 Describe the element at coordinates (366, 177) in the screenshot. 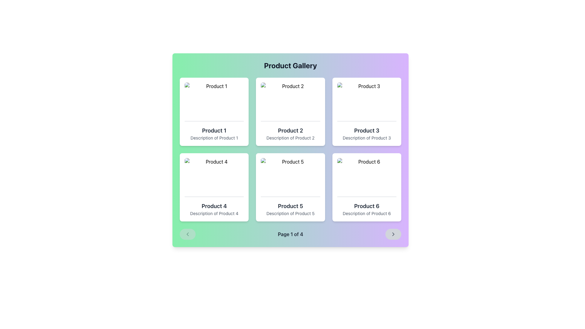

I see `the image placeholder displaying 'Product 6', which is located in the last column of the second row in the 'Product Gallery' grid` at that location.